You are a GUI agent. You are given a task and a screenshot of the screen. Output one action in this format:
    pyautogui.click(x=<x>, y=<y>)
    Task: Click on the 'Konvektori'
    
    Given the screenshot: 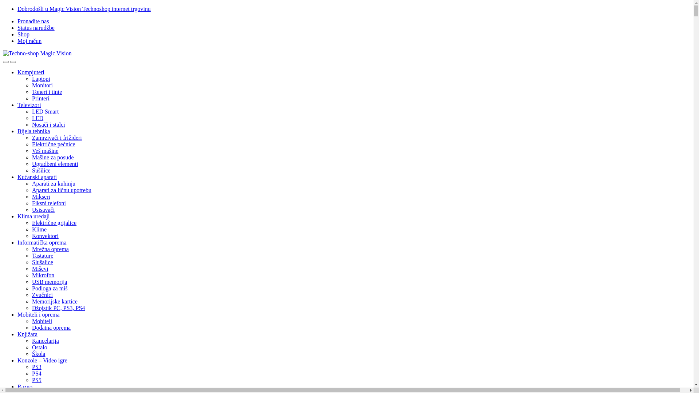 What is the action you would take?
    pyautogui.click(x=45, y=236)
    